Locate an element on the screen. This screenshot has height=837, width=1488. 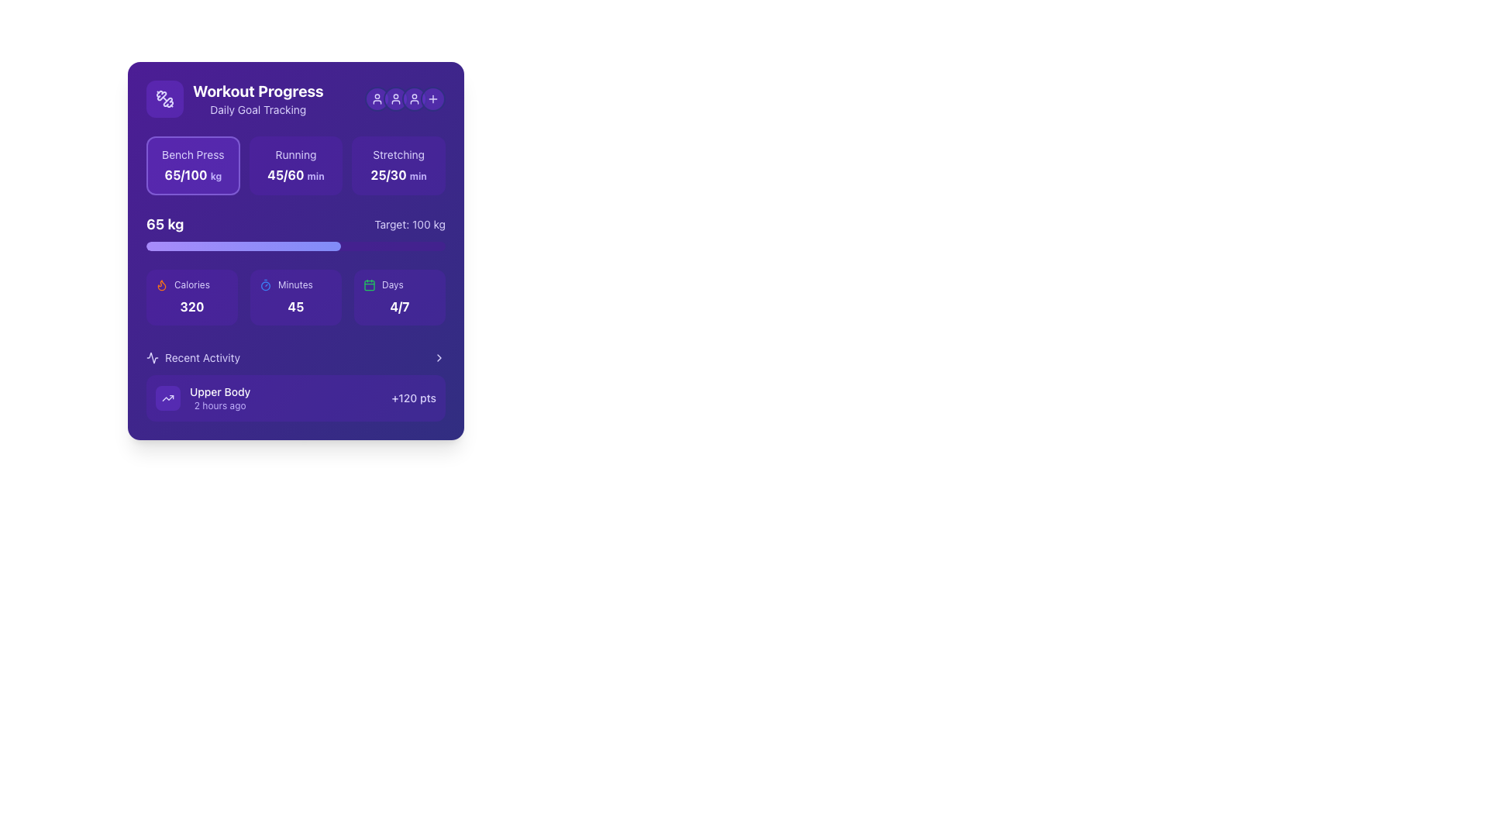
the Activity Update Row displaying 'Upper Body' activity, which shows '2 hours ago' and '+120 pts' is located at coordinates (296, 384).